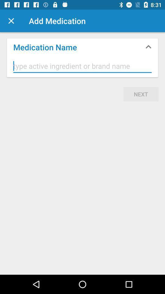 The image size is (165, 294). What do you see at coordinates (11, 21) in the screenshot?
I see `the item at the top left corner` at bounding box center [11, 21].